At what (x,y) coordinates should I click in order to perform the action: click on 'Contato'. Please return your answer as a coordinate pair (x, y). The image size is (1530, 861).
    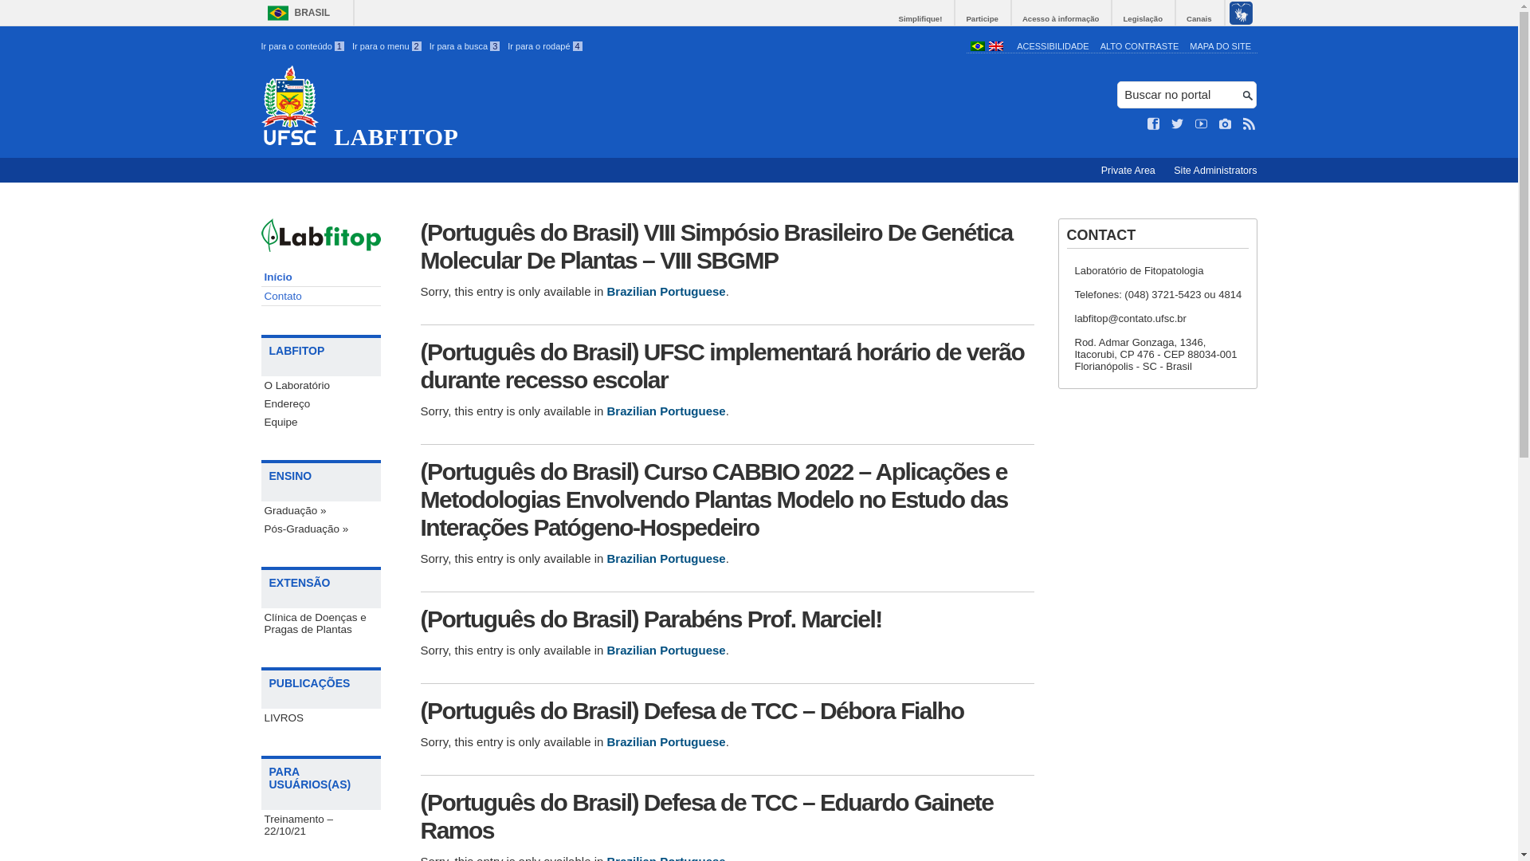
    Looking at the image, I should click on (320, 296).